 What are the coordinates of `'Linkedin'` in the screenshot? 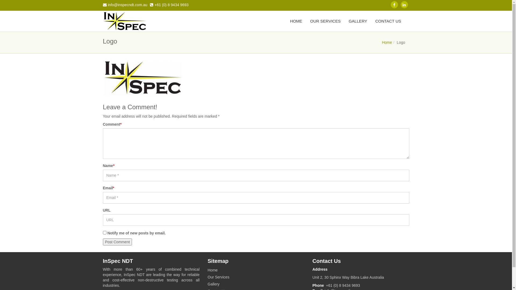 It's located at (404, 5).